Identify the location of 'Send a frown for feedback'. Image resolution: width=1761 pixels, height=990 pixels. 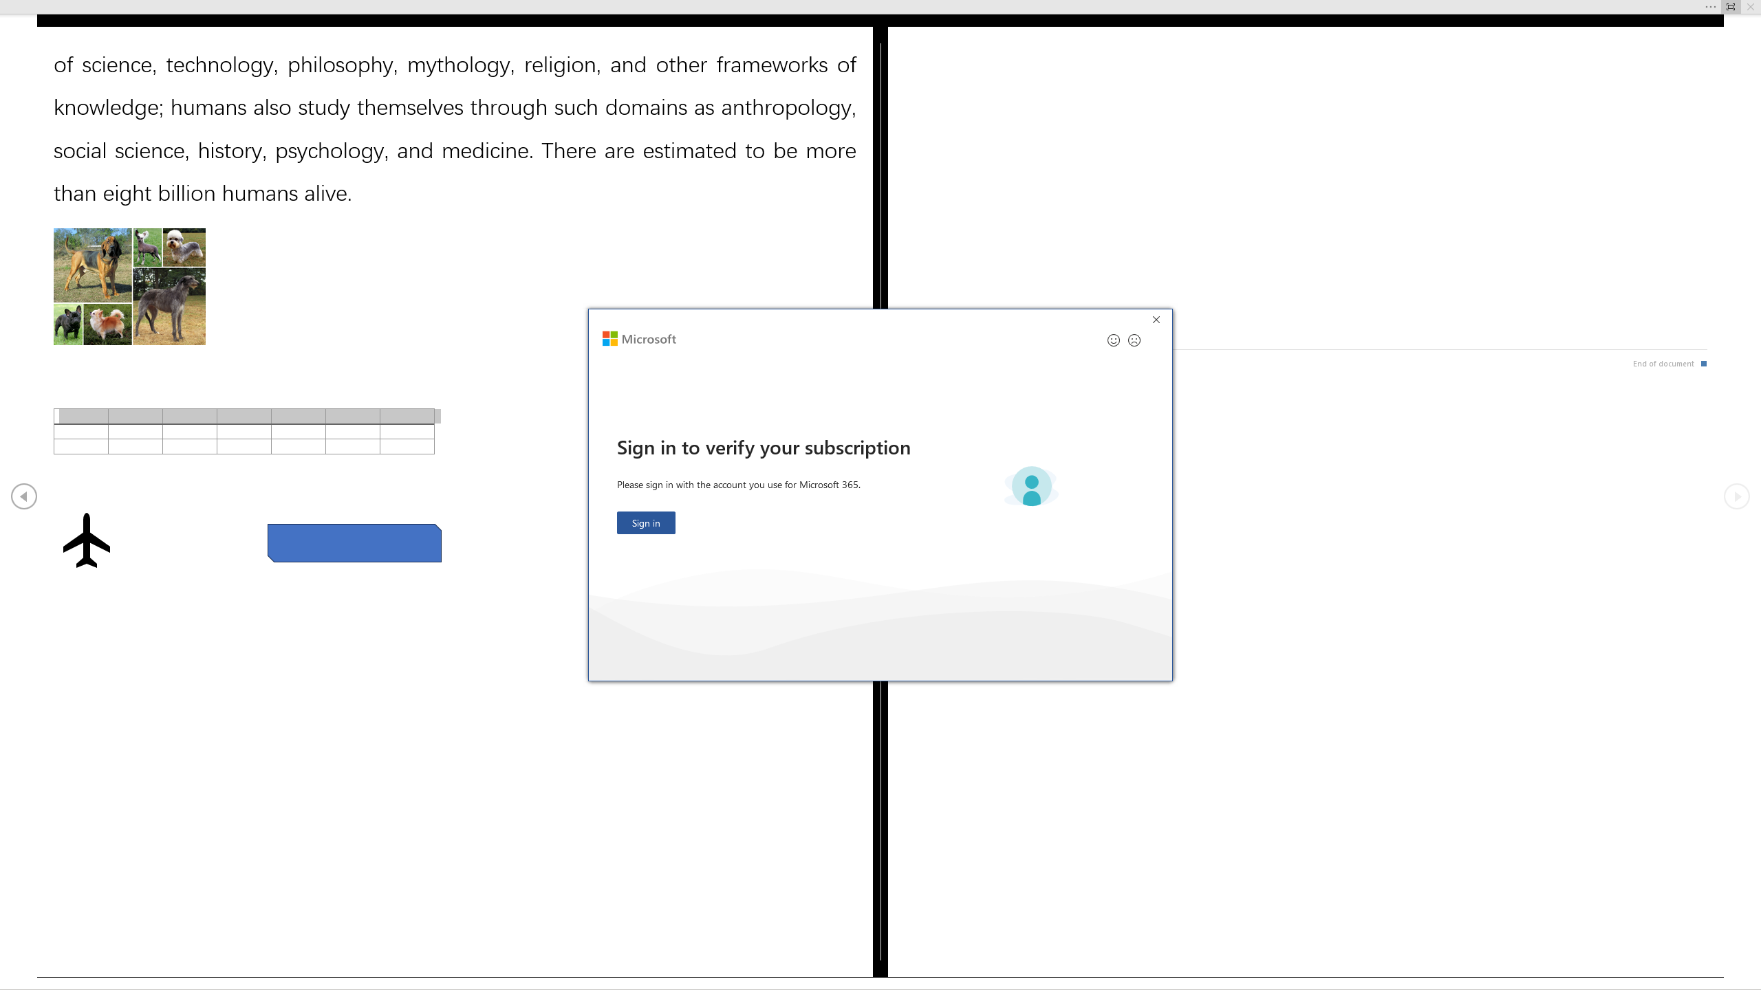
(1133, 340).